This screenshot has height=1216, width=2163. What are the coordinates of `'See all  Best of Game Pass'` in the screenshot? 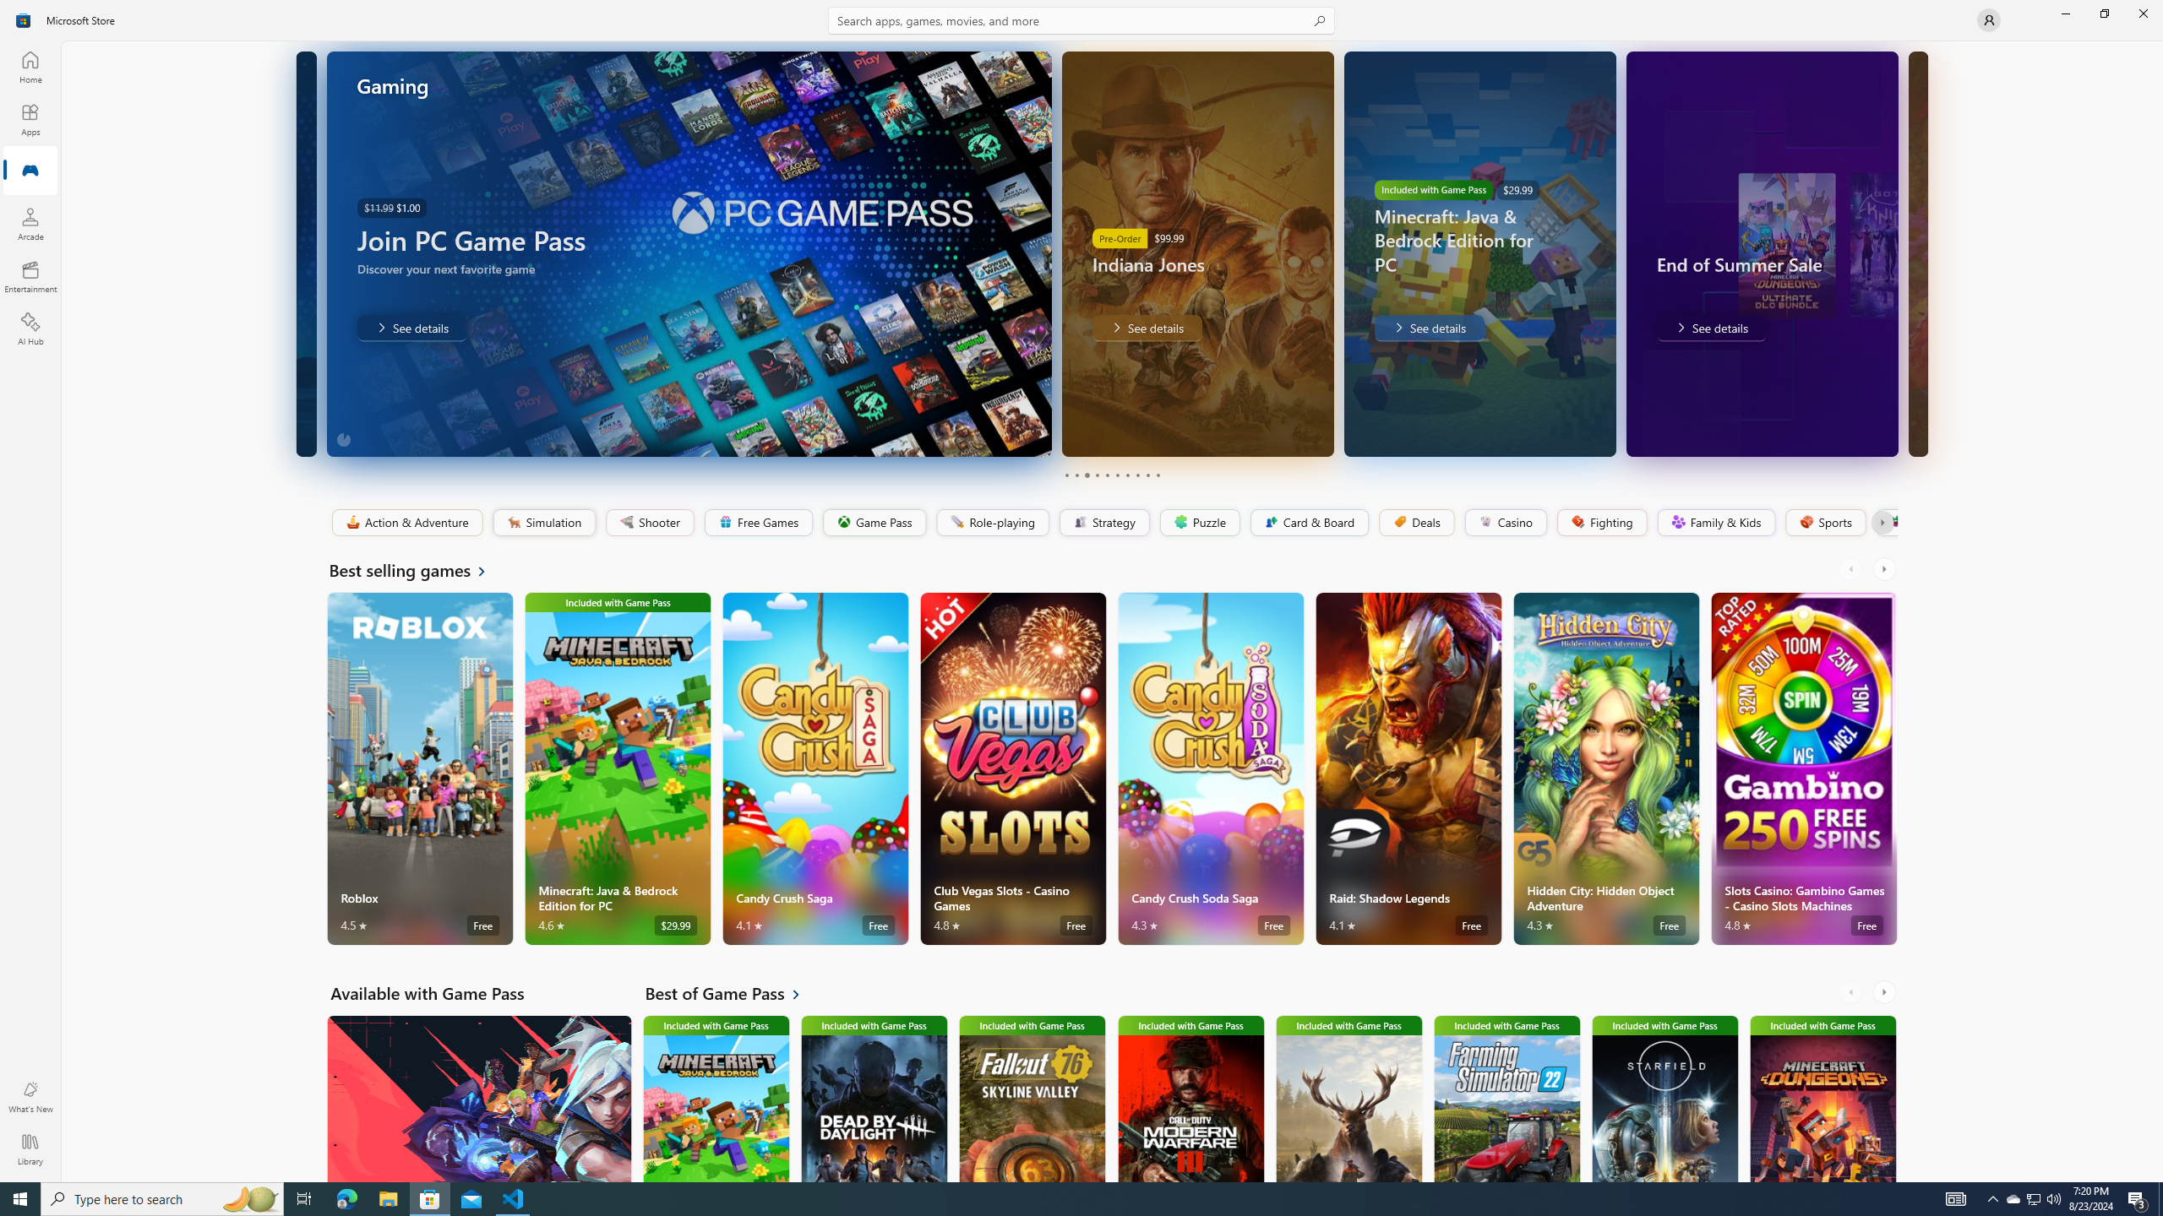 It's located at (733, 992).